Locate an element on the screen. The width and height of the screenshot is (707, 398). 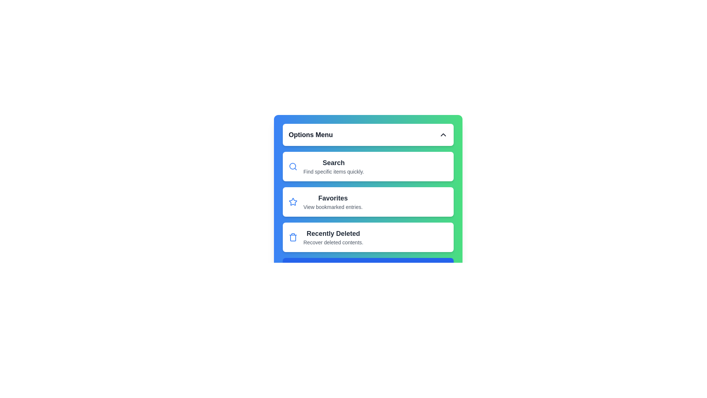
the 'Search' button in the 'Options Menu' section is located at coordinates (368, 166).